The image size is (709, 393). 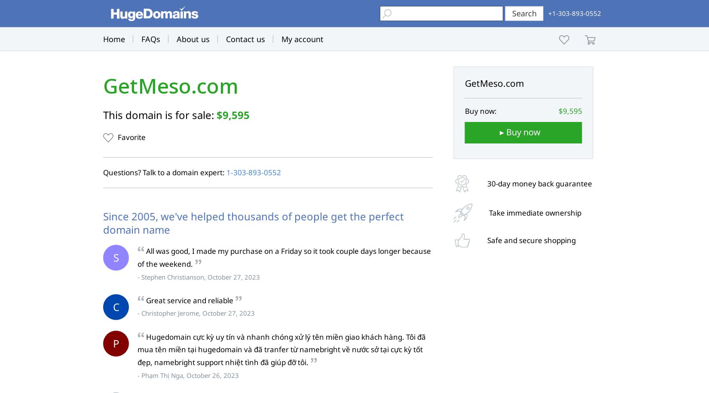 What do you see at coordinates (116, 257) in the screenshot?
I see `'S'` at bounding box center [116, 257].